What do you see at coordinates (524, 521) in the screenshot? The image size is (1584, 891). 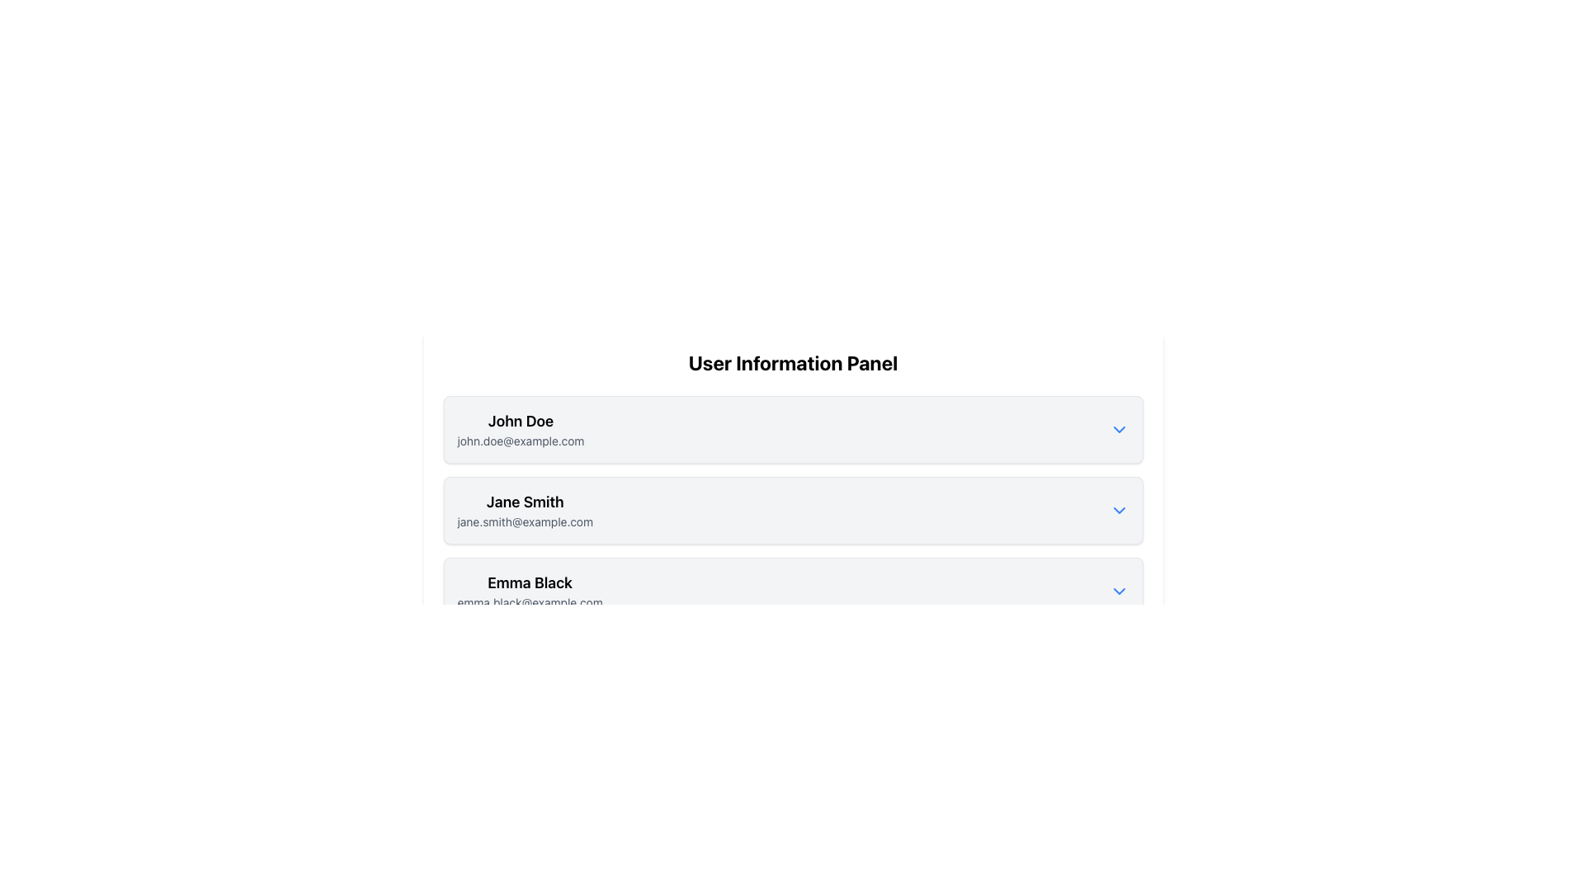 I see `the text label displaying the email address associated with 'Jane Smith', which is styled in a smaller gray font and located in the user information panel` at bounding box center [524, 521].